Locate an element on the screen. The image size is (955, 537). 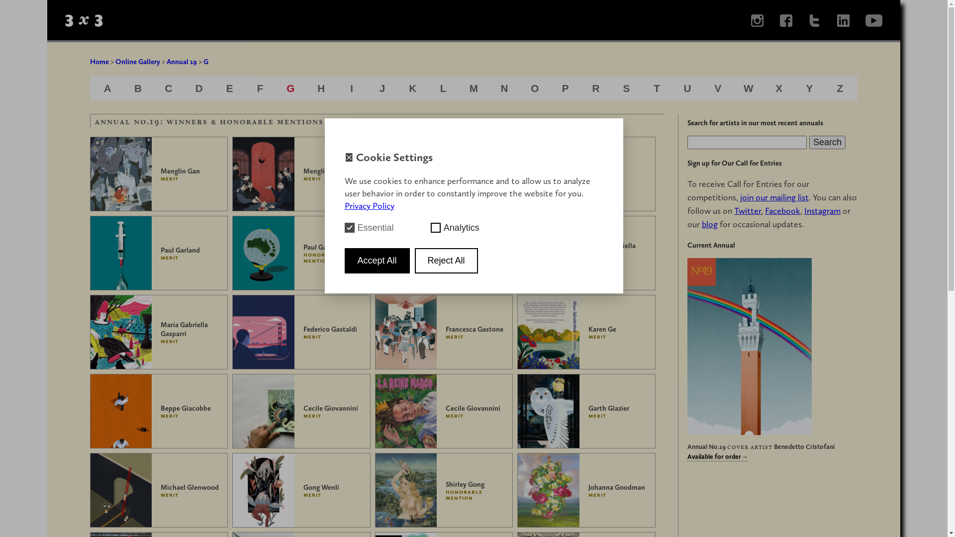
'Reject All' is located at coordinates (446, 260).